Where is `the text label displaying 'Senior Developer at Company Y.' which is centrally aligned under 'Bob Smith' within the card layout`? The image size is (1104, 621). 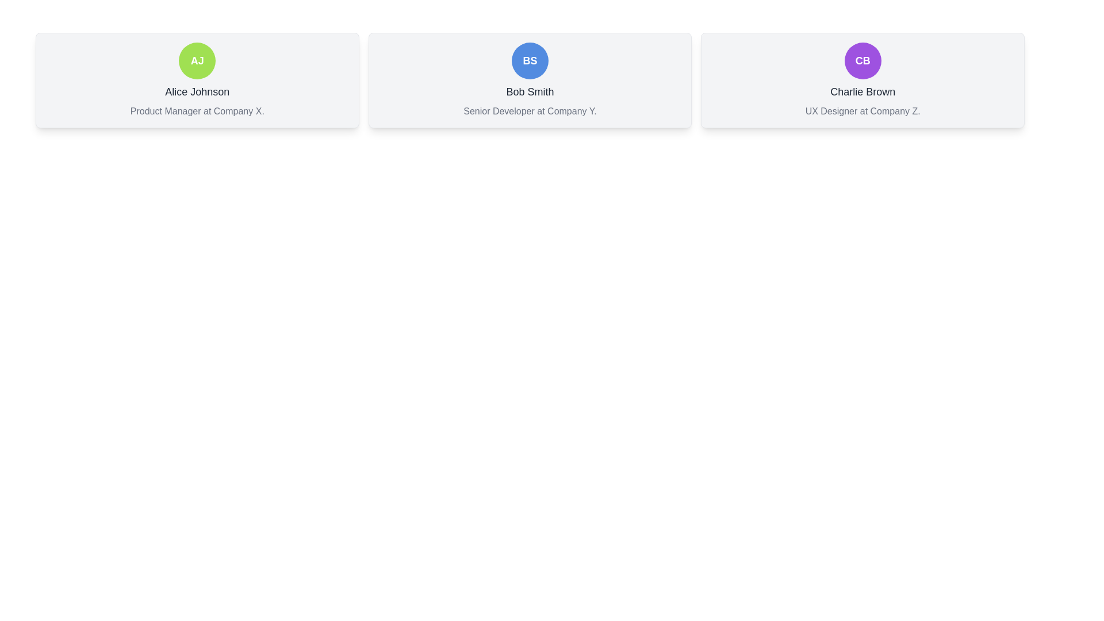 the text label displaying 'Senior Developer at Company Y.' which is centrally aligned under 'Bob Smith' within the card layout is located at coordinates (529, 111).